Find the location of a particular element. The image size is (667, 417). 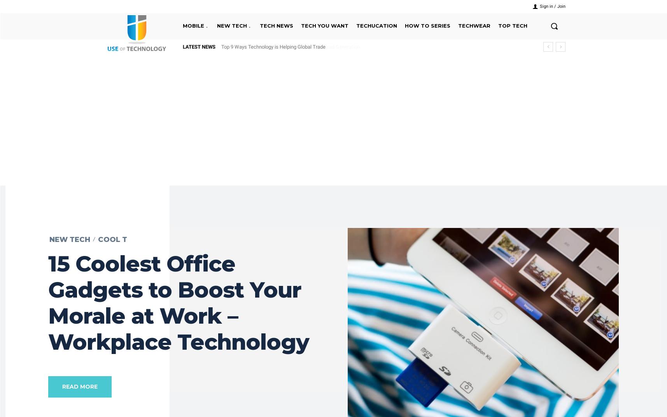

'Cool T' is located at coordinates (112, 239).